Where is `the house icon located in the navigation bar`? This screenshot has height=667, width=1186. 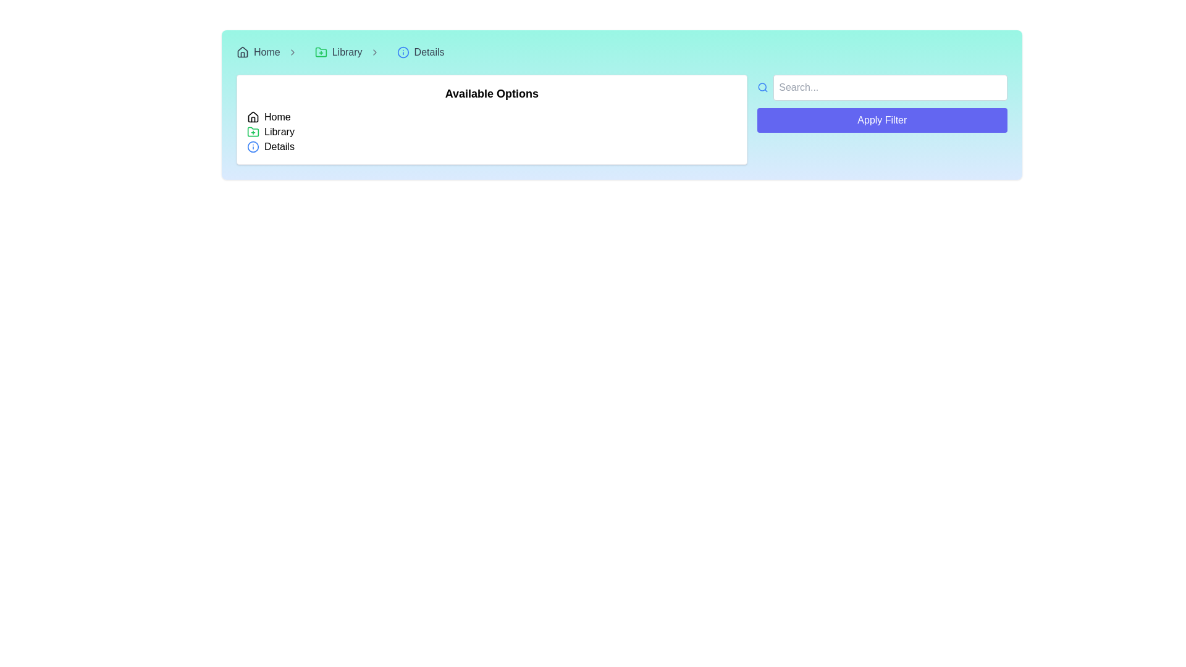 the house icon located in the navigation bar is located at coordinates (243, 51).